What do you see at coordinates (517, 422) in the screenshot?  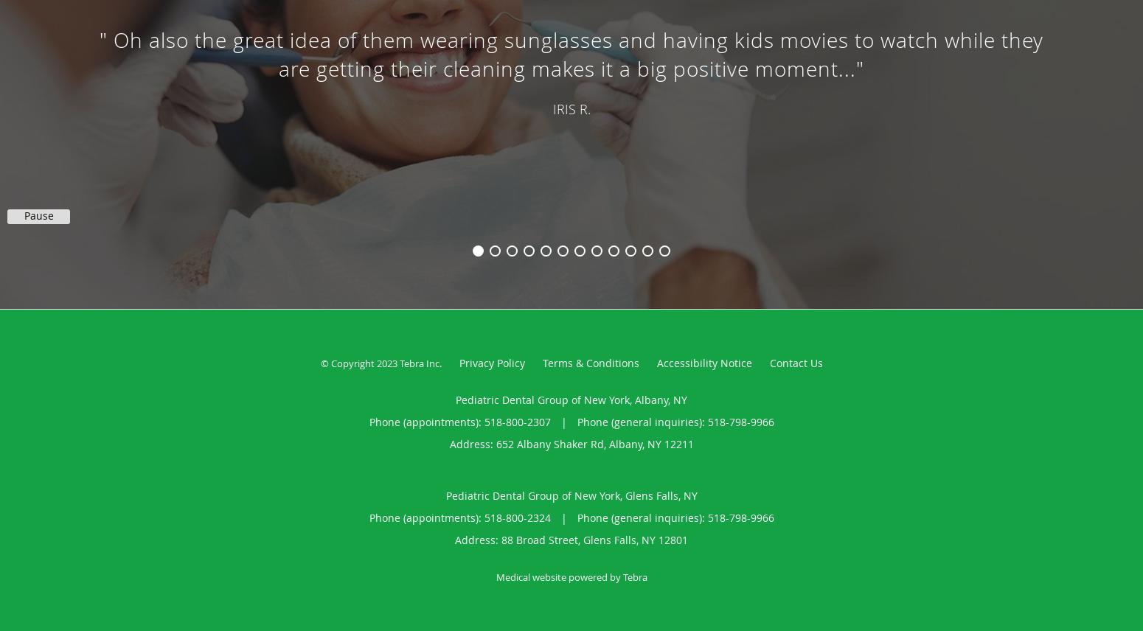 I see `'518-800-2307'` at bounding box center [517, 422].